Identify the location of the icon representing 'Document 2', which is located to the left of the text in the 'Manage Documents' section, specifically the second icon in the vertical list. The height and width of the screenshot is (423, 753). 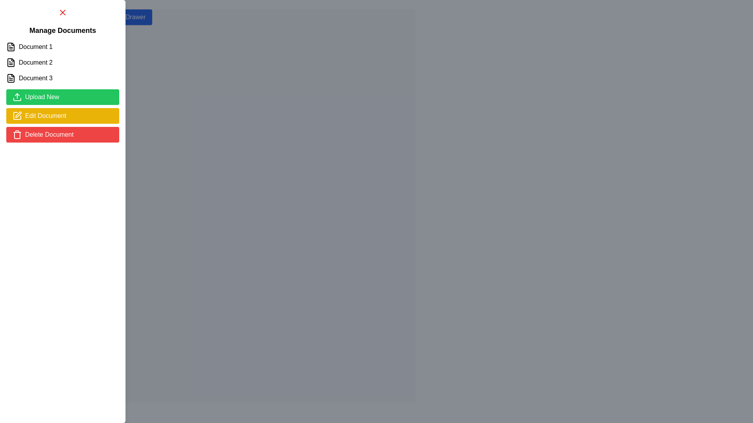
(11, 62).